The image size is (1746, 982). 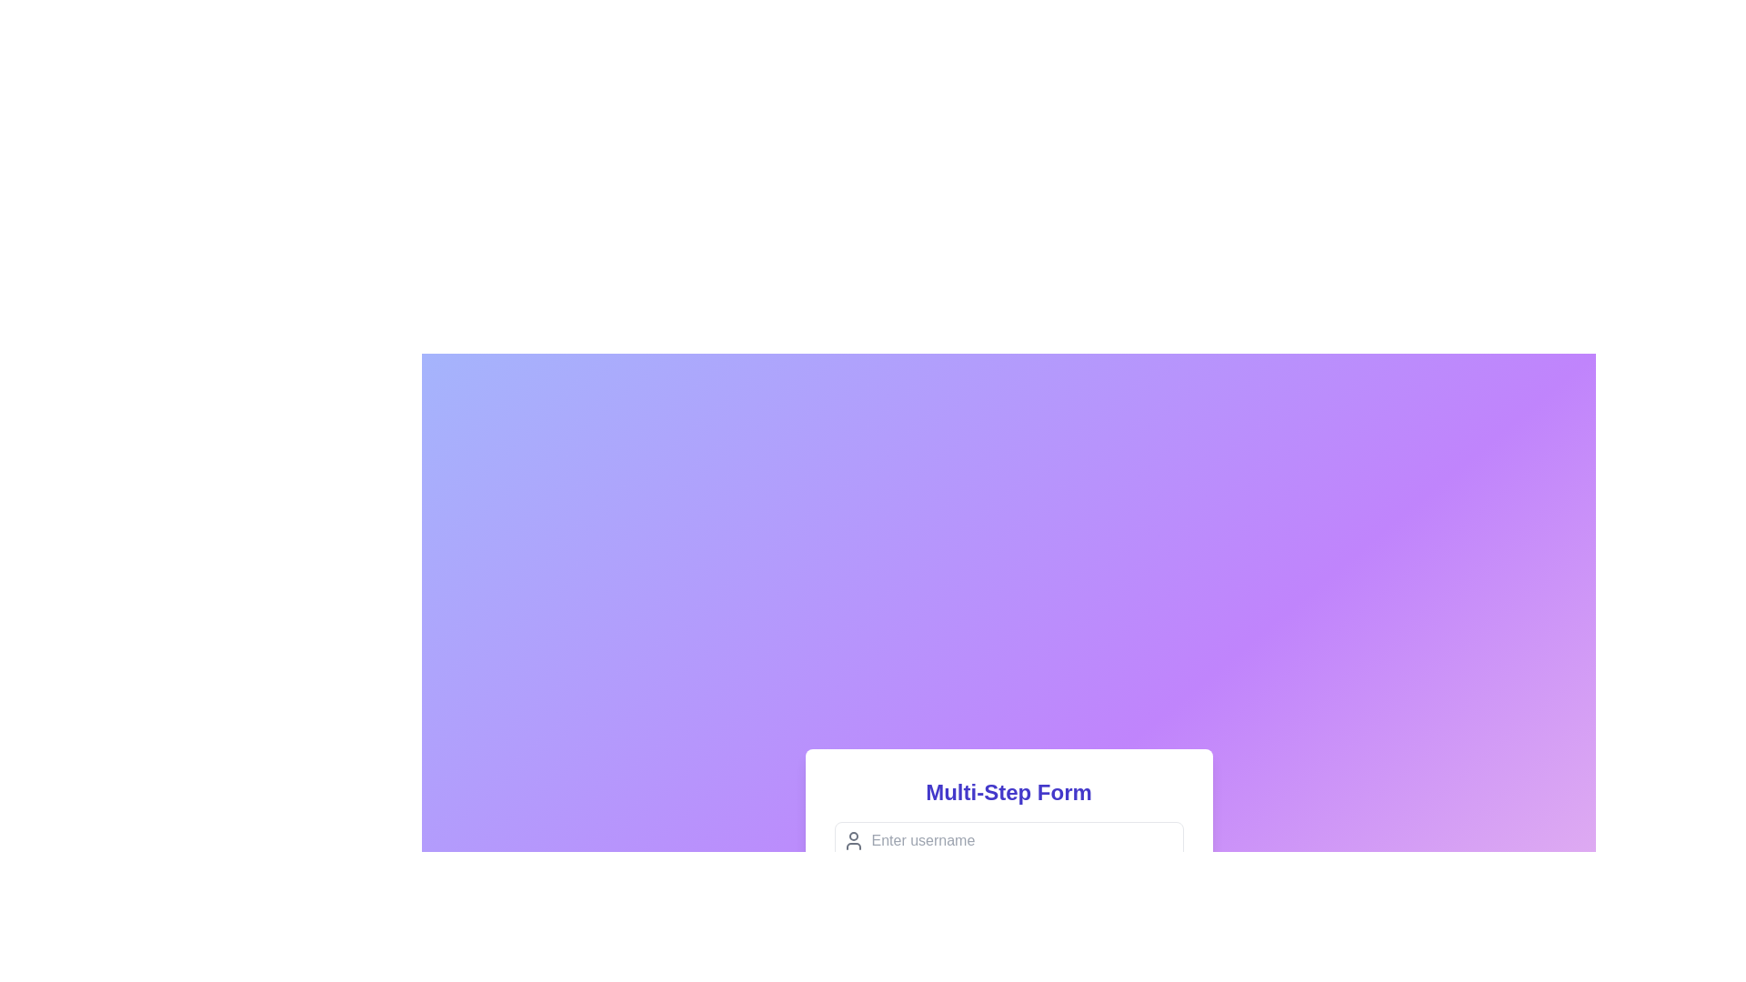 What do you see at coordinates (852, 841) in the screenshot?
I see `the username icon located to the far left of the text input field labeled 'Enter username' in the structured form interface` at bounding box center [852, 841].